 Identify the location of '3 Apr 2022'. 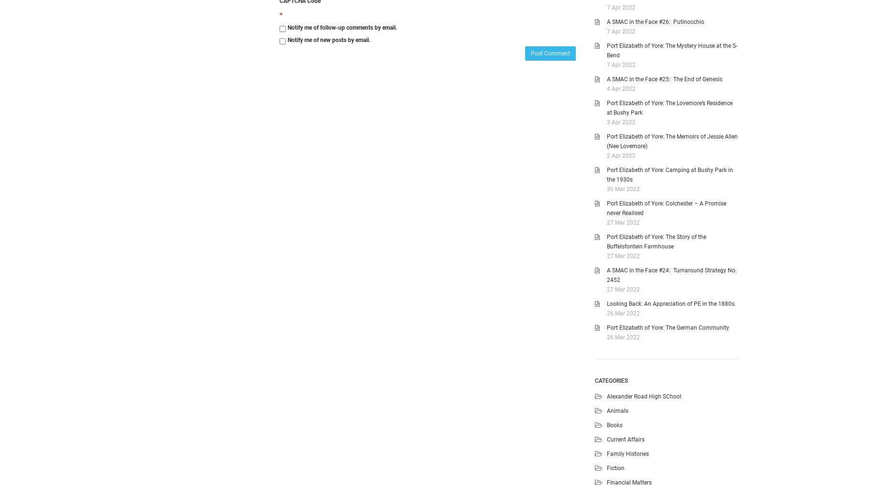
(620, 122).